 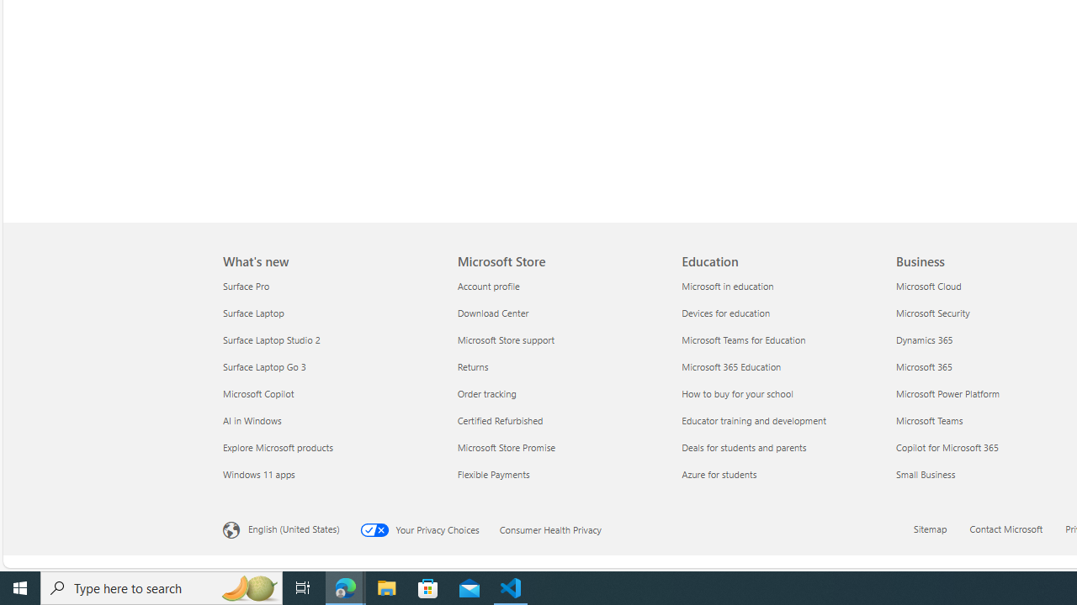 I want to click on 'Download Center Microsoft Store', so click(x=491, y=313).